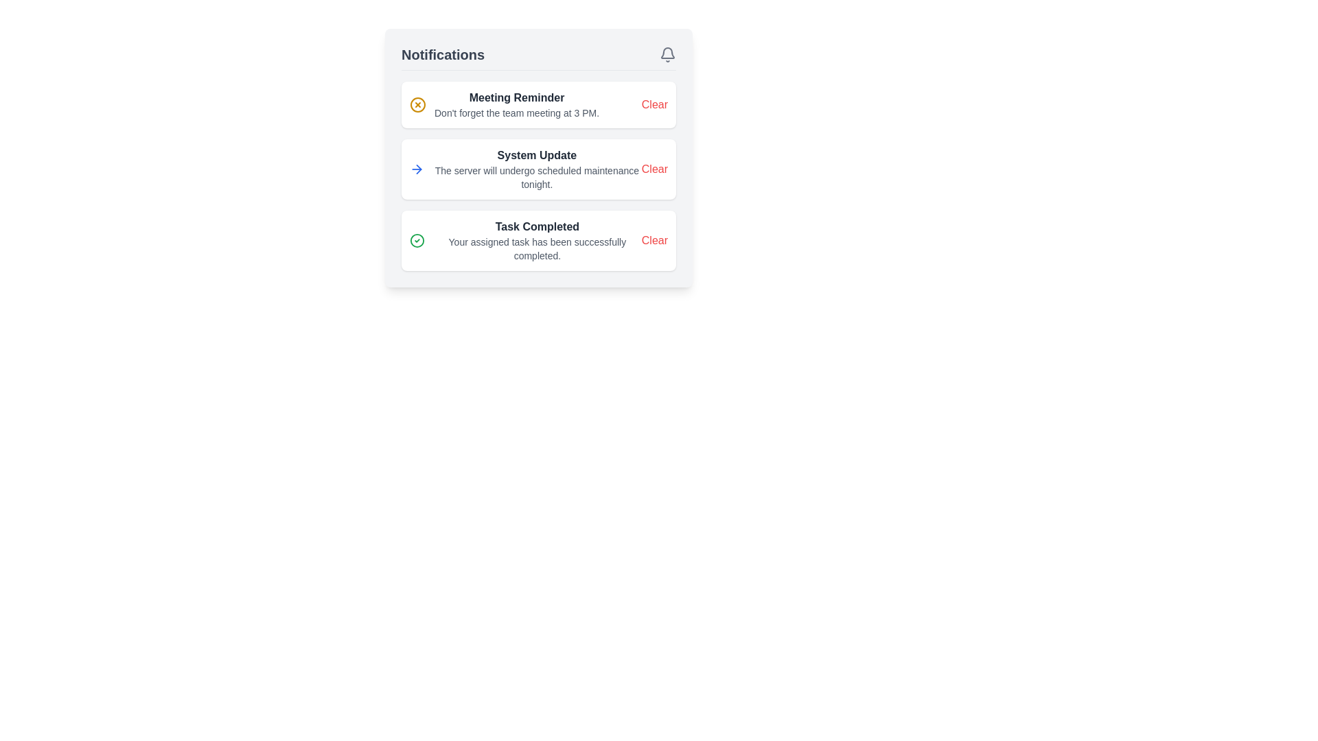 The width and height of the screenshot is (1318, 741). I want to click on notification message indicating the successful completion of a task, located in the third section of the notification list, between 'System Update' and 'Clear', so click(524, 240).